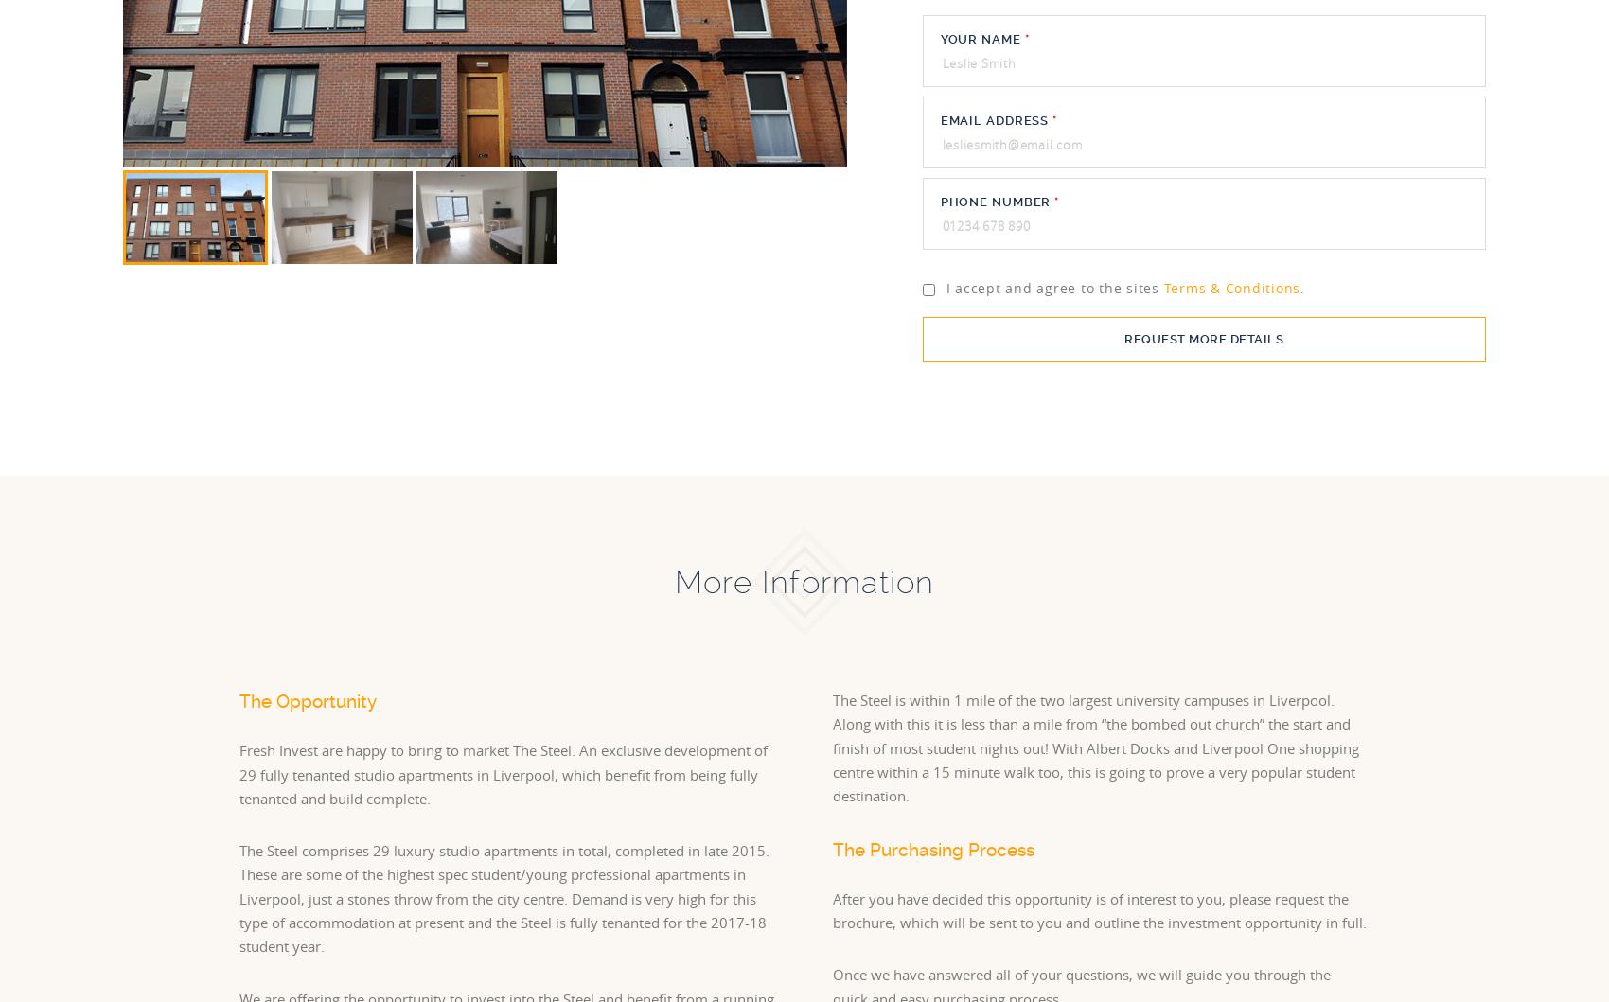 Image resolution: width=1609 pixels, height=1002 pixels. Describe the element at coordinates (1231, 288) in the screenshot. I see `'Terms & Conditions'` at that location.